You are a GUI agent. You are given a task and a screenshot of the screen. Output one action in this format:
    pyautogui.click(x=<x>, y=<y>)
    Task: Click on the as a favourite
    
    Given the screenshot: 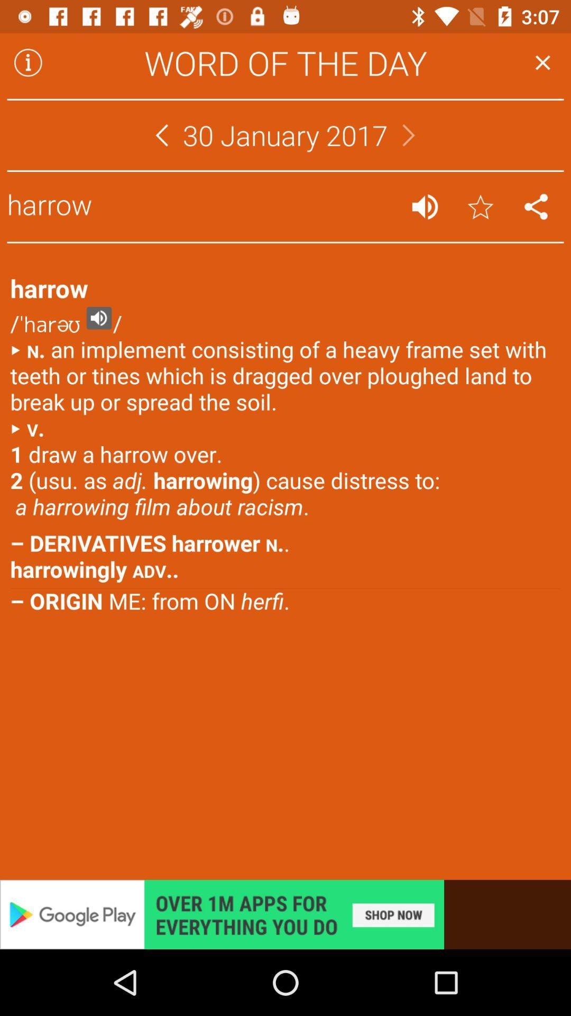 What is the action you would take?
    pyautogui.click(x=481, y=206)
    